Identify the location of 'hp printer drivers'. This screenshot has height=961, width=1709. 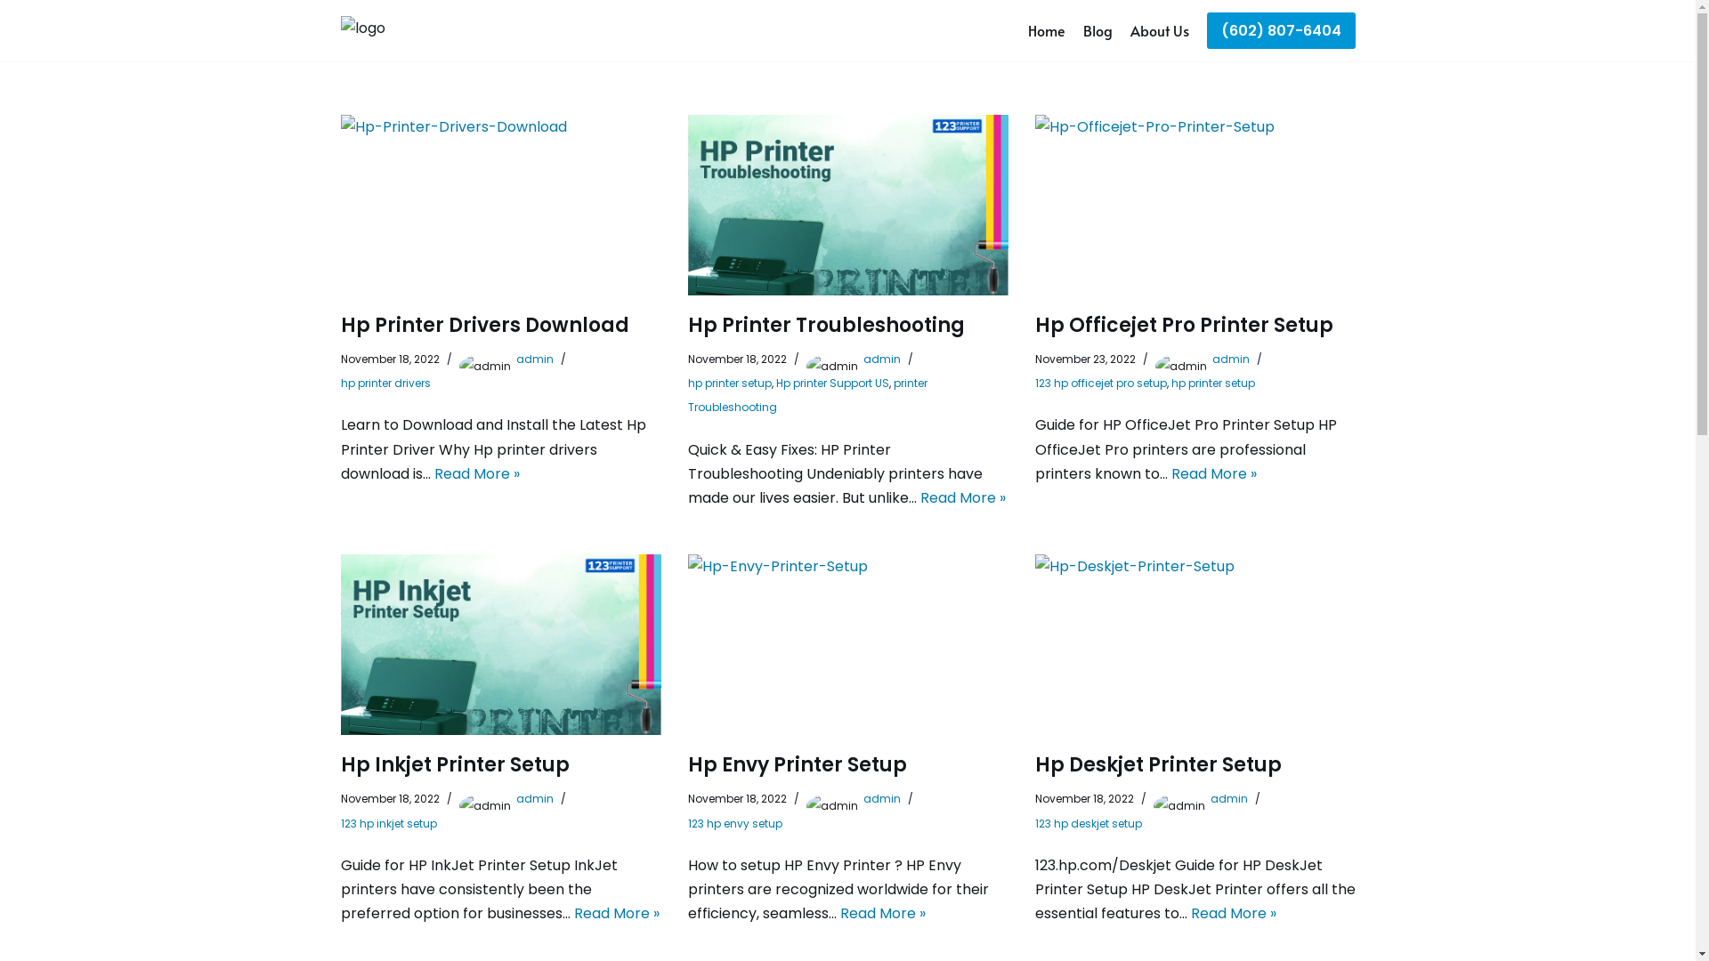
(384, 382).